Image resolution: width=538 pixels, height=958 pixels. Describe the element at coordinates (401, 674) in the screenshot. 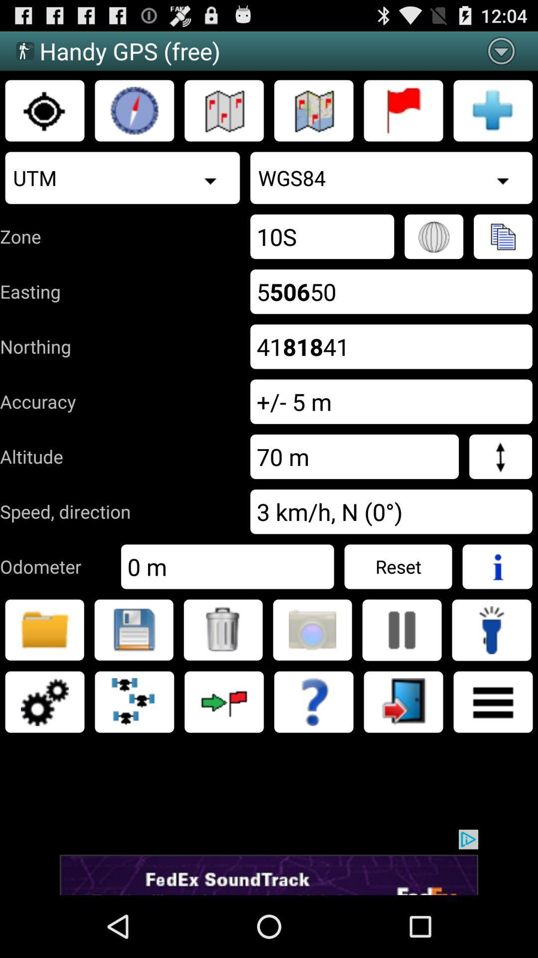

I see `the pause icon` at that location.